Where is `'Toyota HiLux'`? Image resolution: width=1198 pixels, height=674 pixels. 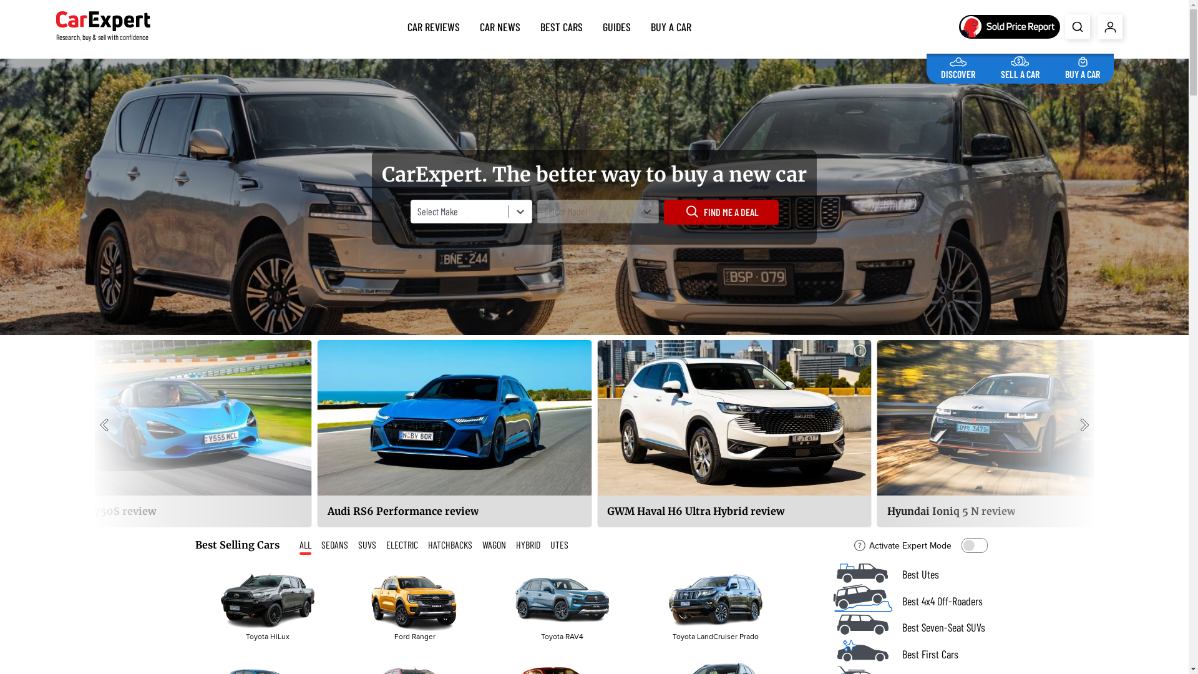
'Toyota HiLux' is located at coordinates (266, 605).